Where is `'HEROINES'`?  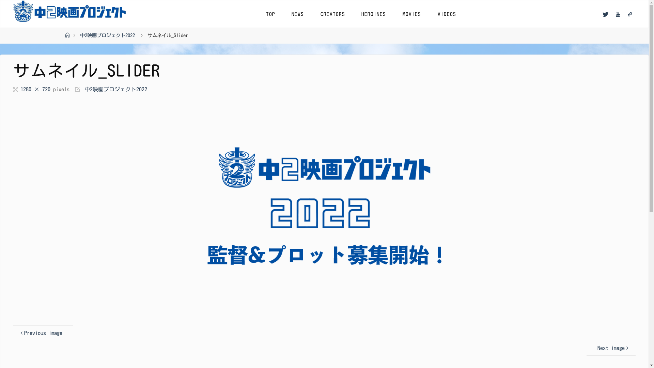 'HEROINES' is located at coordinates (373, 14).